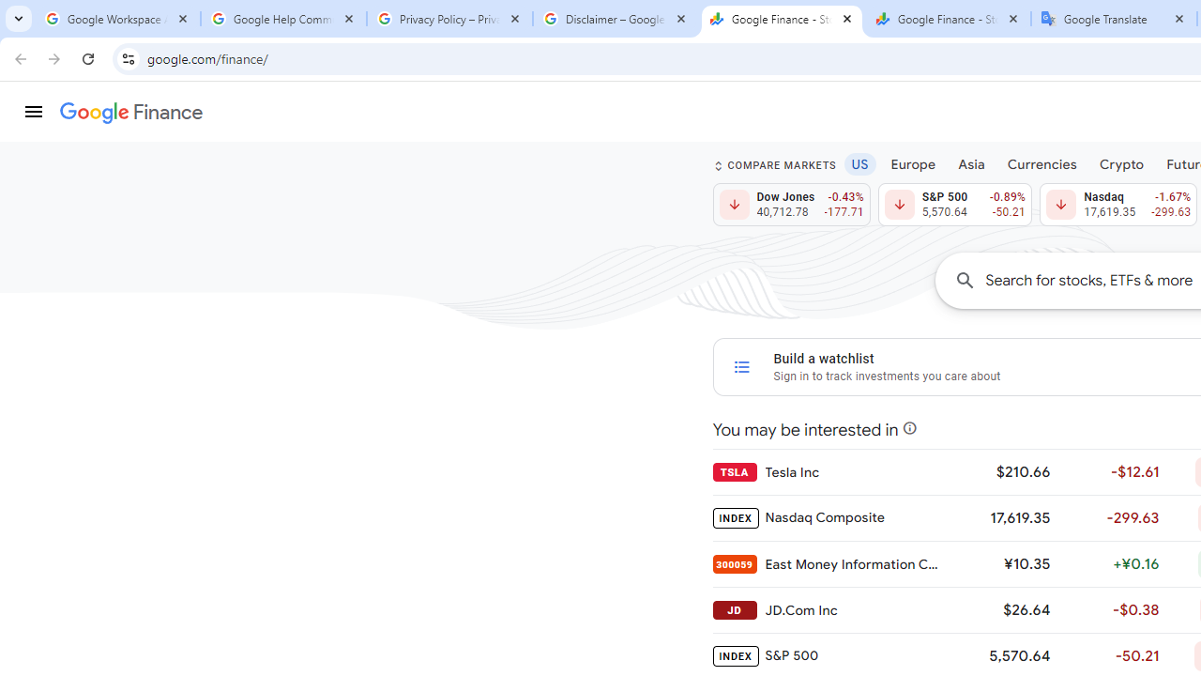 Image resolution: width=1201 pixels, height=676 pixels. Describe the element at coordinates (971, 162) in the screenshot. I see `'Asia'` at that location.